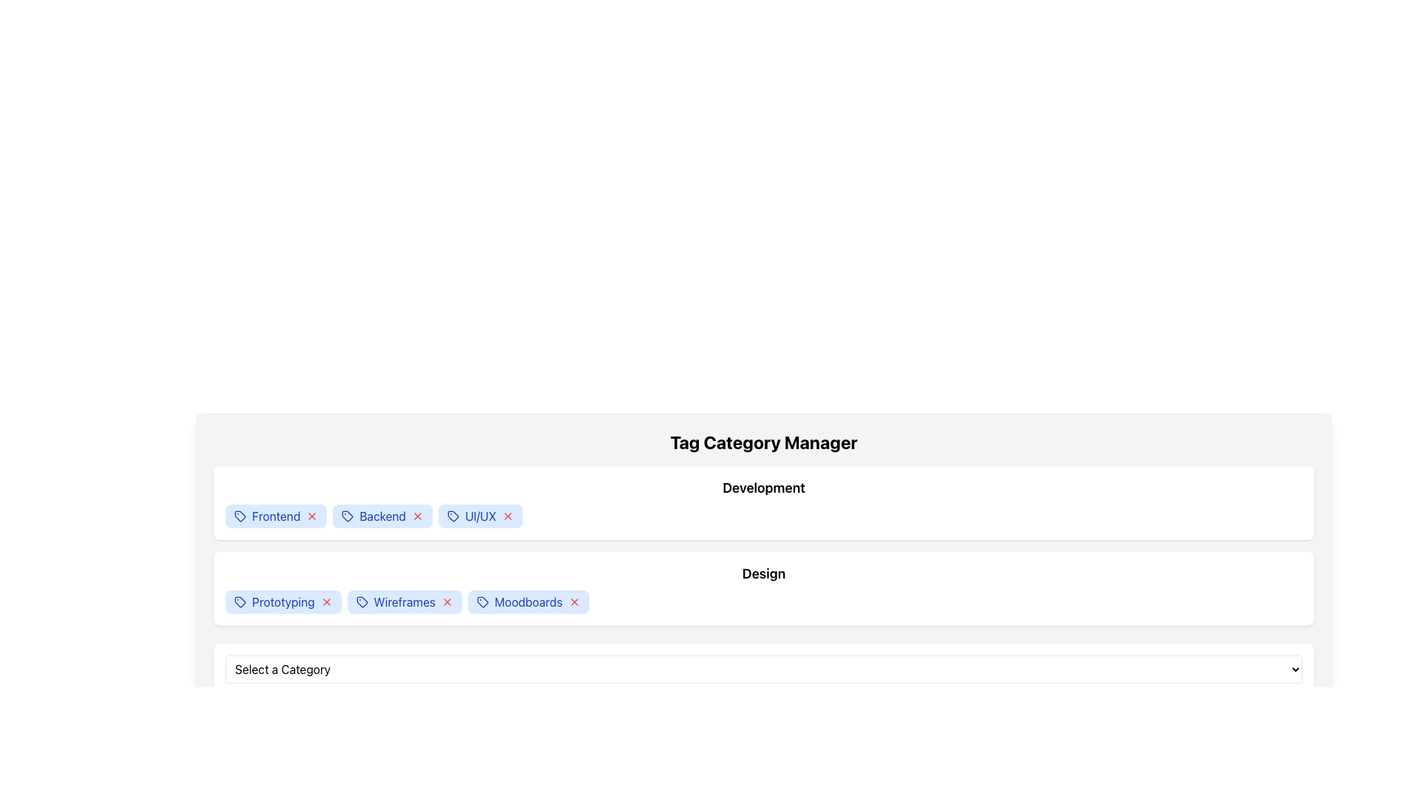 This screenshot has width=1420, height=799. Describe the element at coordinates (240, 601) in the screenshot. I see `the small blue icon resembling a tag, located in the first tag of the second row under the 'Design' section, preceding the text 'Prototyping'` at that location.